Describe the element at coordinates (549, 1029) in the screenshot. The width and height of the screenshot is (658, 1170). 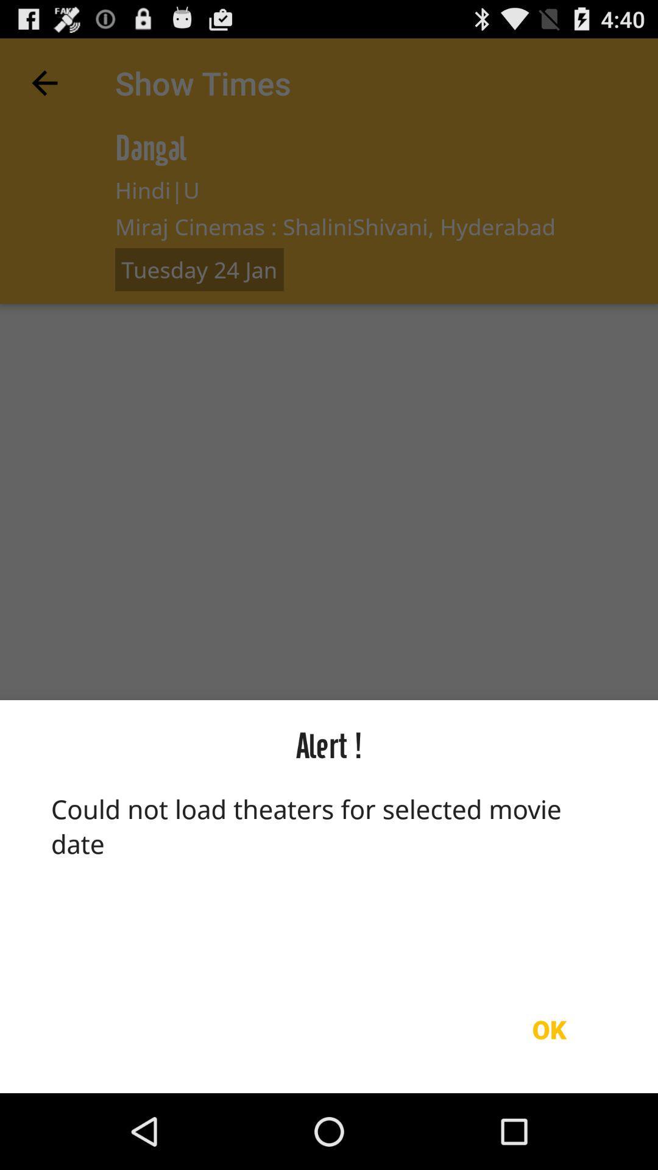
I see `the ok item` at that location.